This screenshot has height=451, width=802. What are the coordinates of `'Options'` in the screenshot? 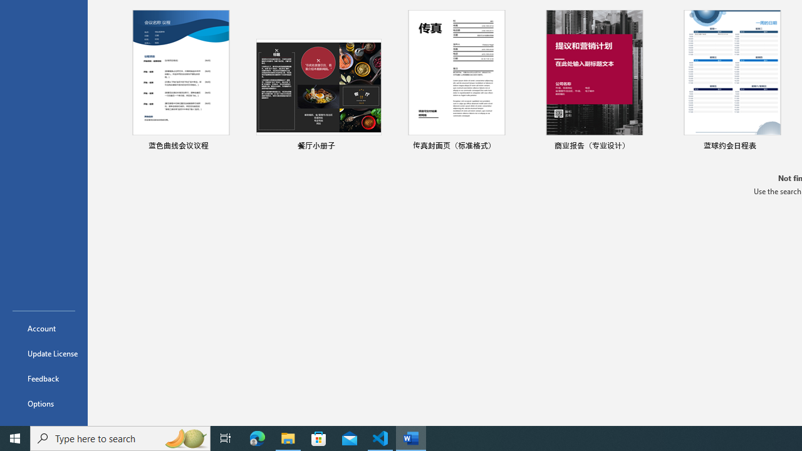 It's located at (43, 403).